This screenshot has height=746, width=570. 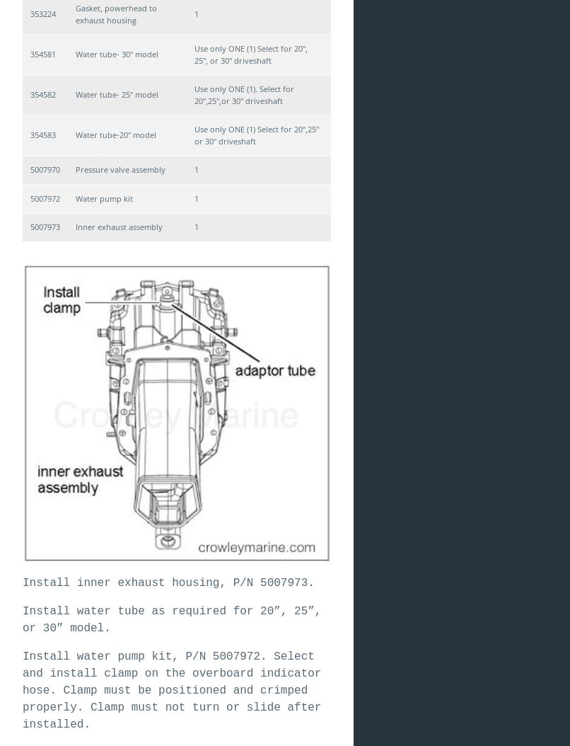 What do you see at coordinates (75, 13) in the screenshot?
I see `'Gasket, powerhead to exhaust housing'` at bounding box center [75, 13].